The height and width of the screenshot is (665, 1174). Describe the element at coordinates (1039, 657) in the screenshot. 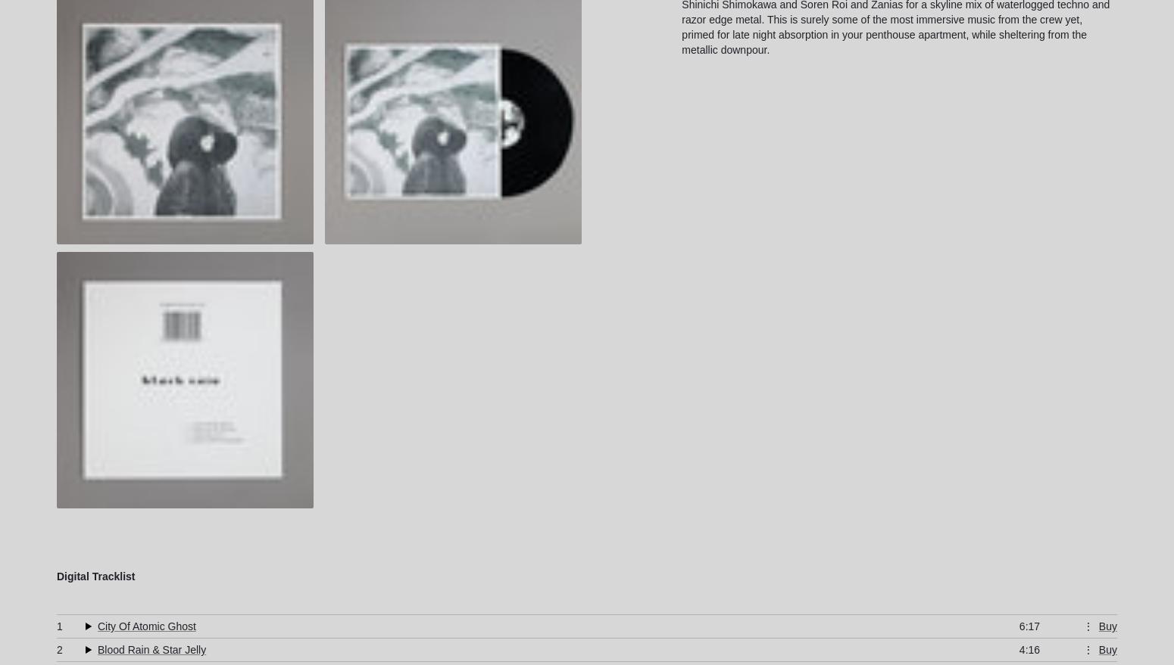

I see `'WAV (24-bit)'` at that location.